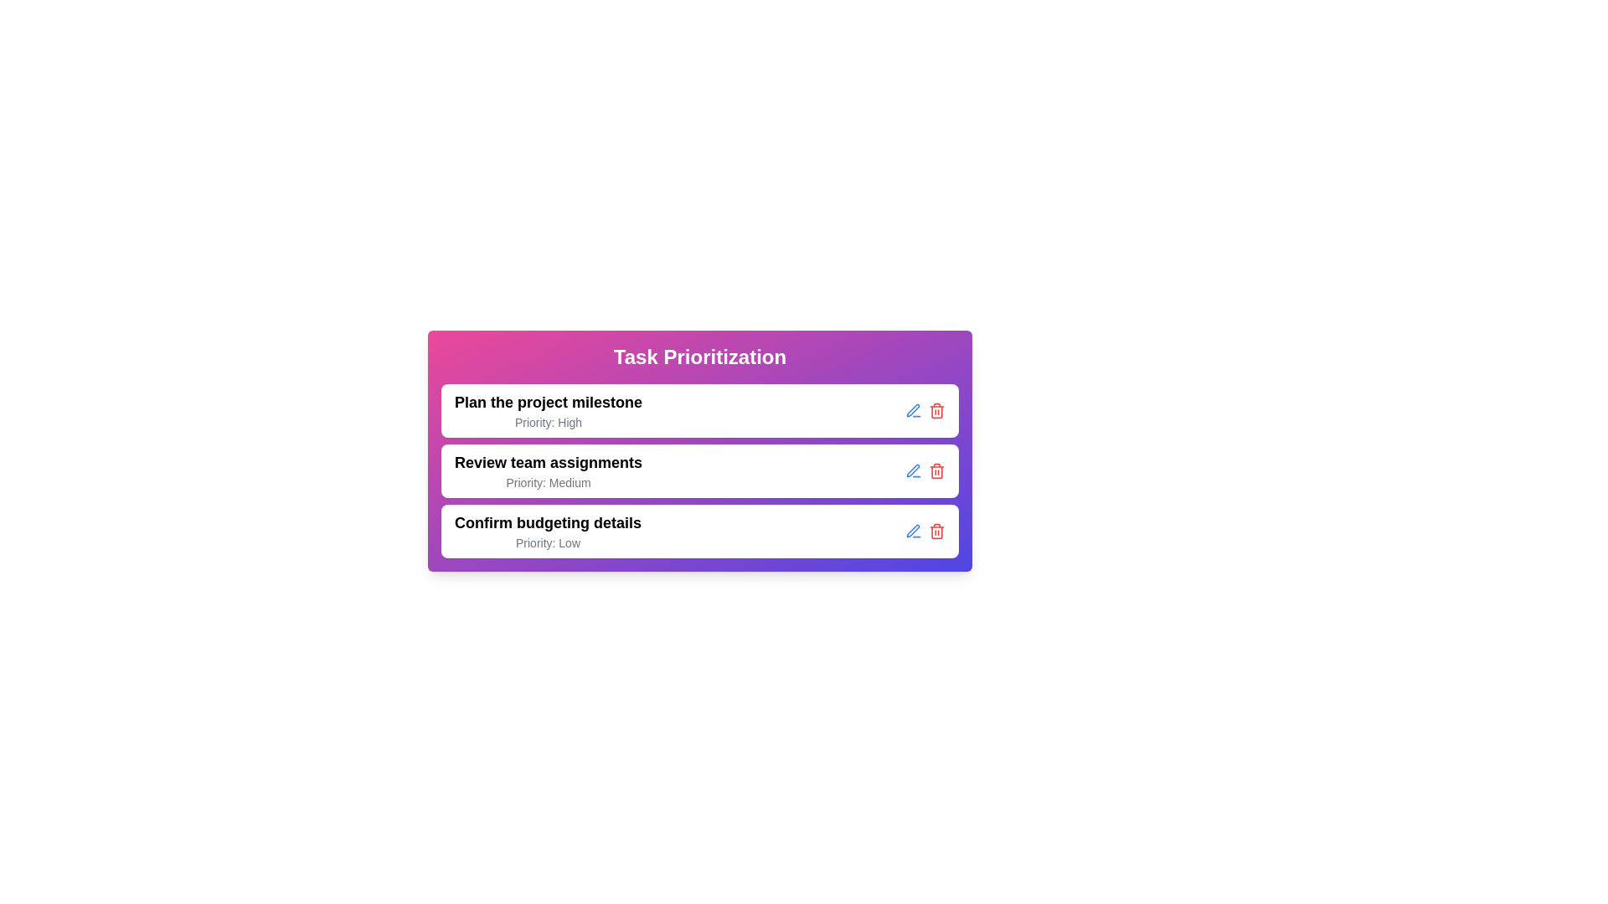 The width and height of the screenshot is (1608, 904). What do you see at coordinates (935, 410) in the screenshot?
I see `the trashcan icon, which is a red delete button located at the far right of the task 'Plan the project milestone'` at bounding box center [935, 410].